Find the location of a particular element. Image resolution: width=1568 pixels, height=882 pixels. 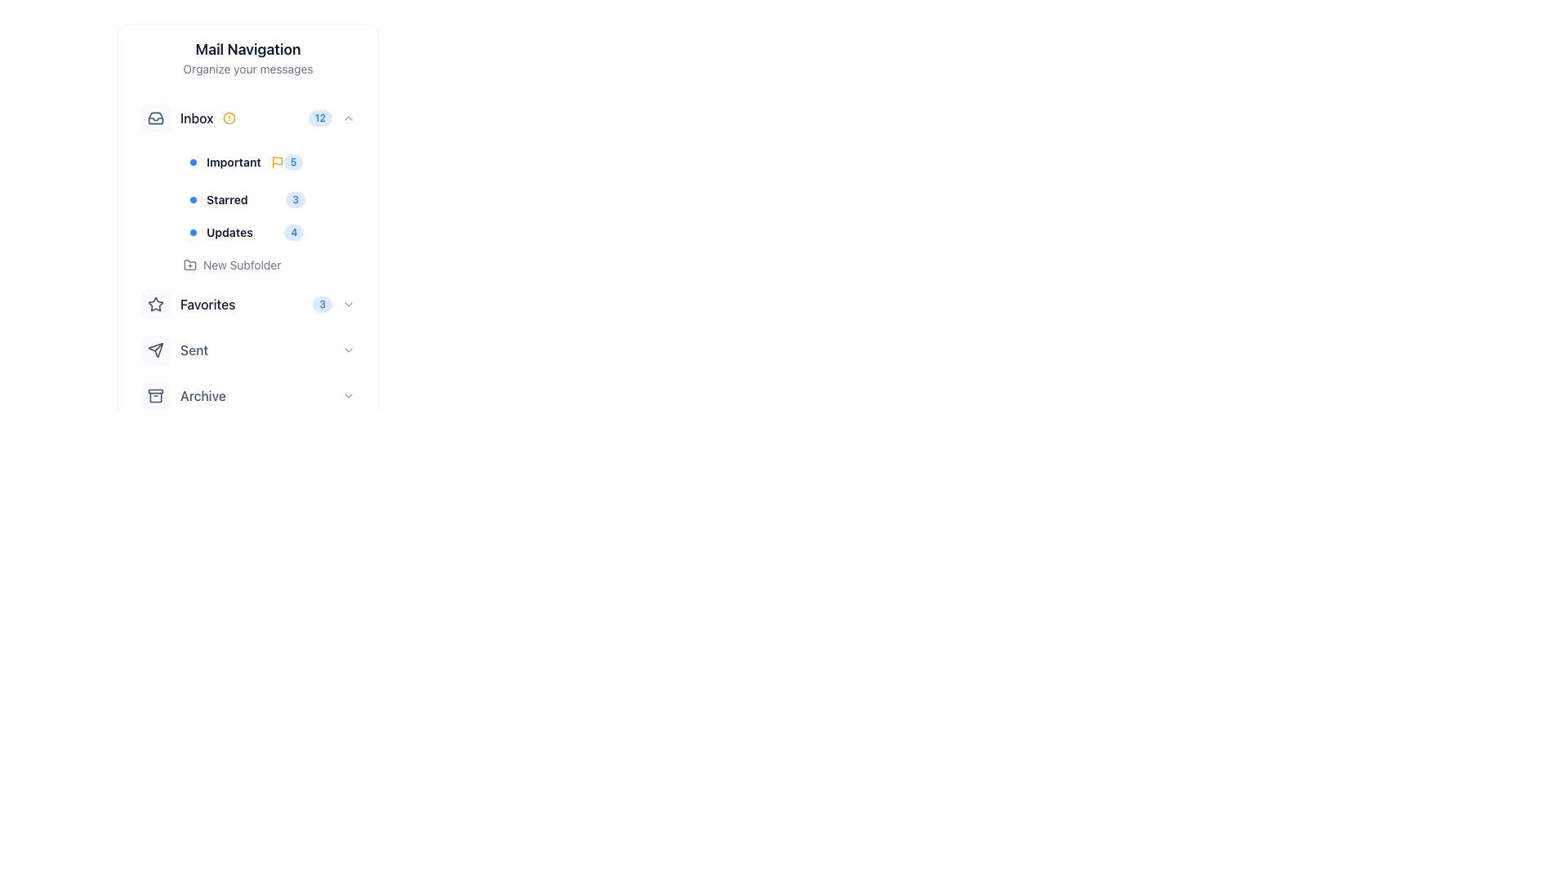

the 'Archive' sidebar navigation item, which features a small archive icon and the text 'Archive' in a medium-weight gray font is located at coordinates (183, 396).